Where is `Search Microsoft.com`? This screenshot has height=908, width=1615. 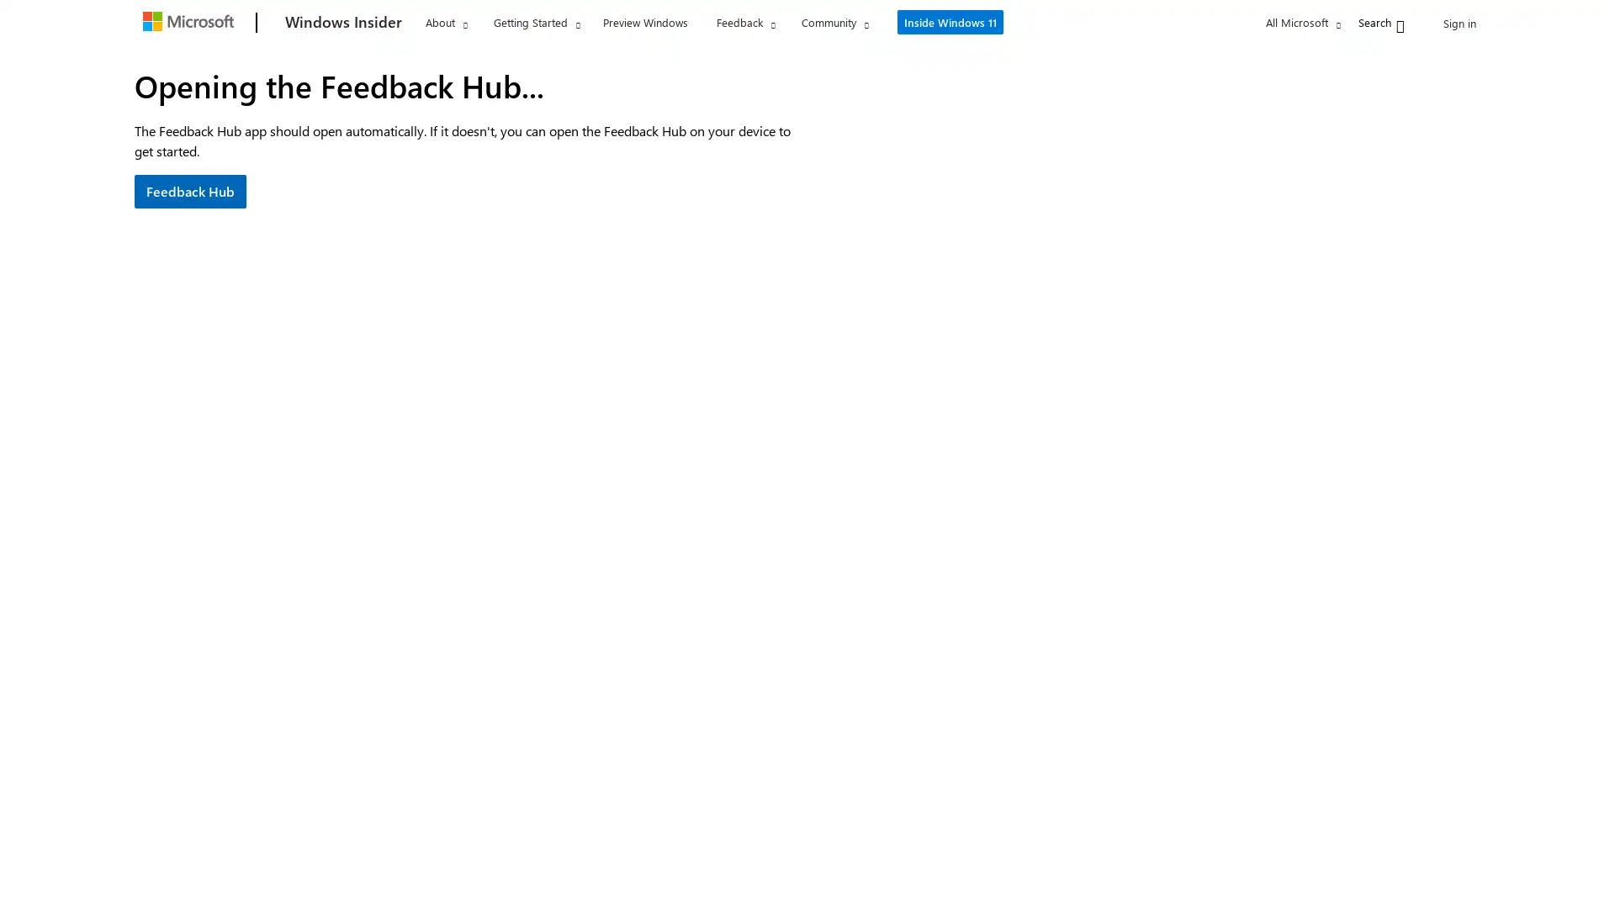 Search Microsoft.com is located at coordinates (1348, 21).